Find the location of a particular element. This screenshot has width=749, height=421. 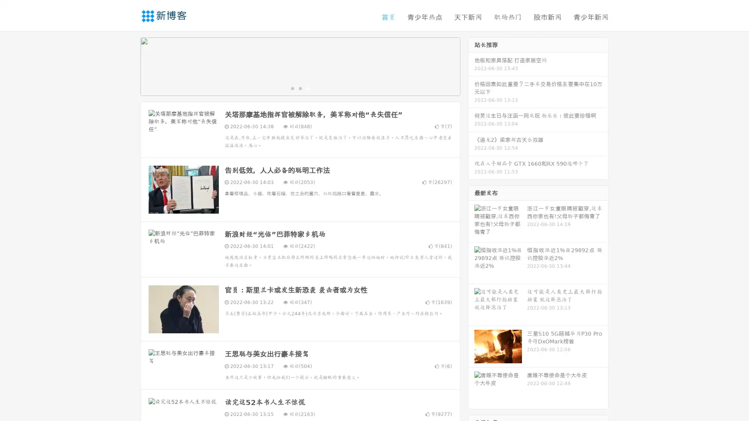

Next slide is located at coordinates (471, 65).